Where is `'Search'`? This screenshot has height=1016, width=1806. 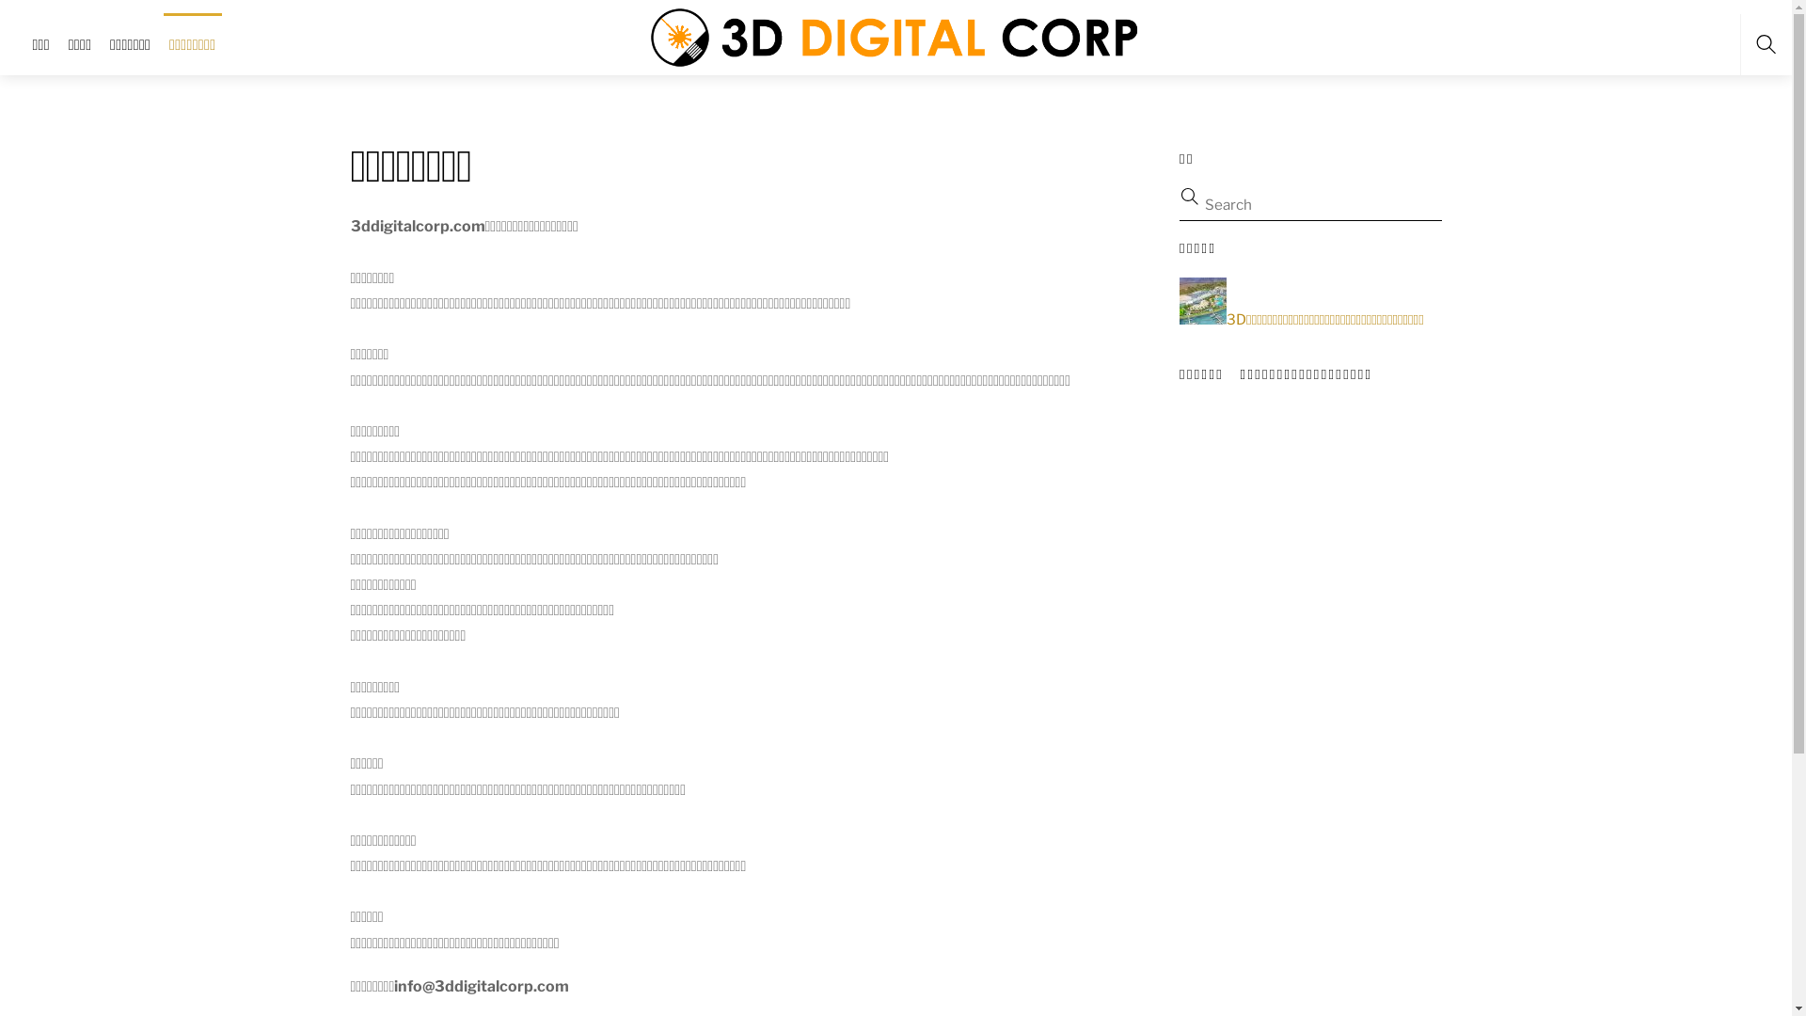
'Search' is located at coordinates (1300, 204).